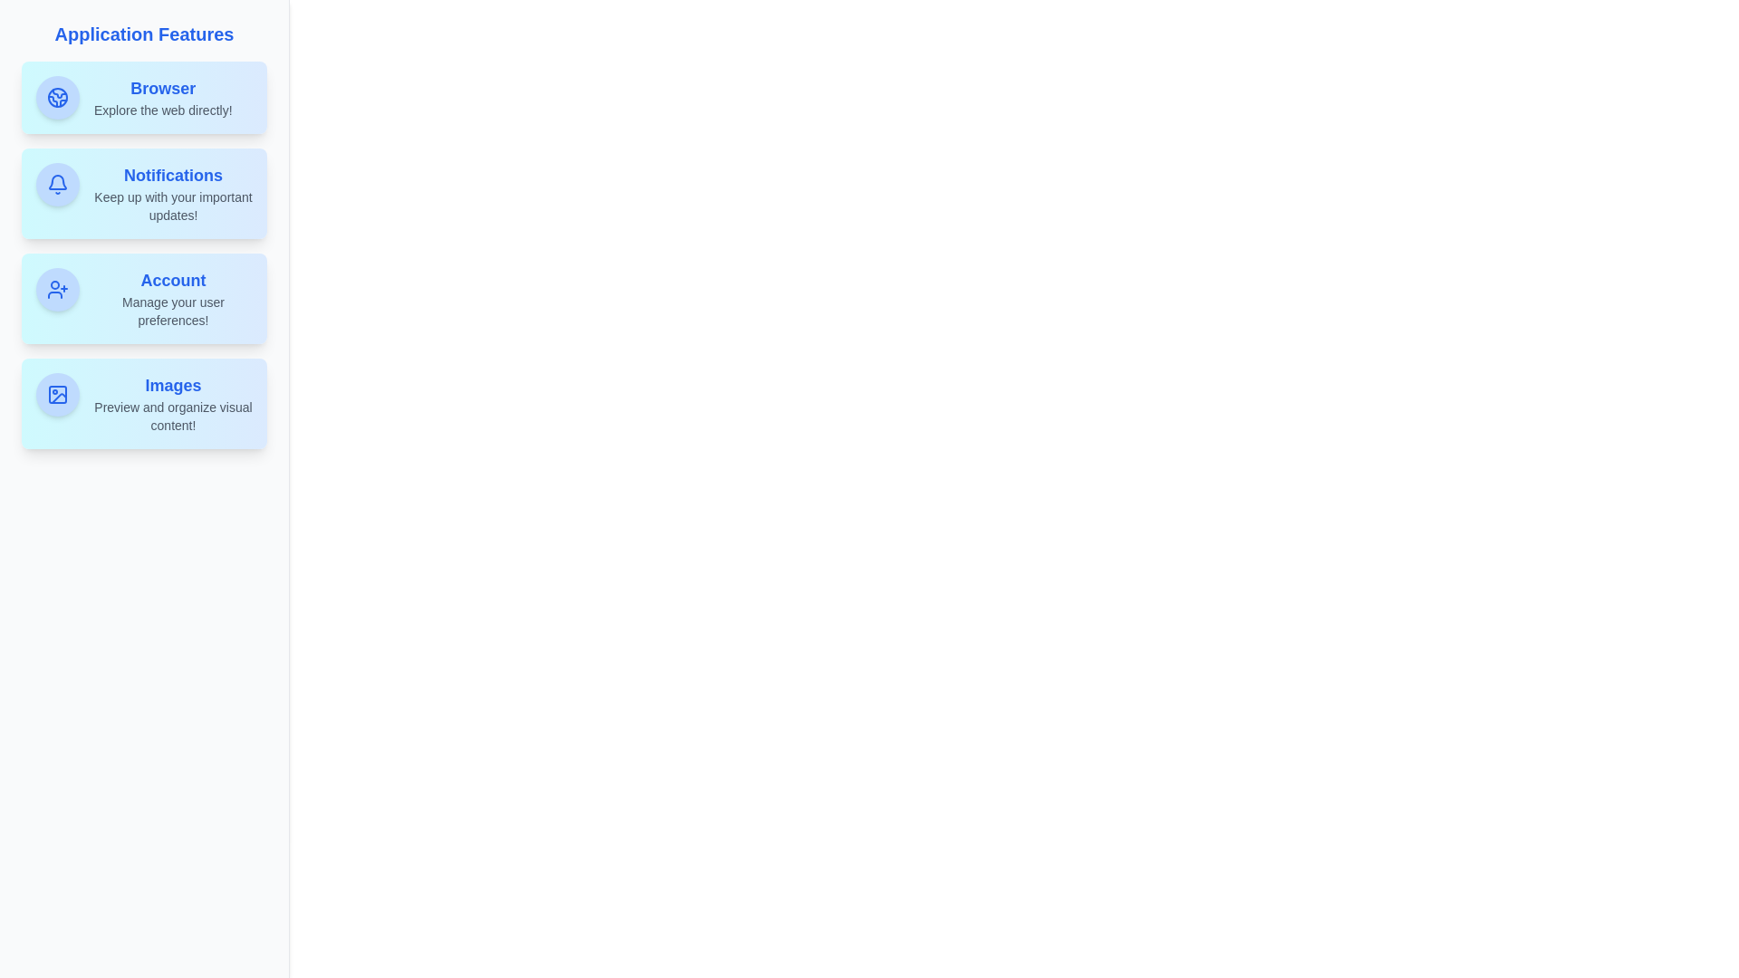  I want to click on the toggle button located at the top-left corner of the screen to toggle the visibility of the drawer panel, so click(39, 39).